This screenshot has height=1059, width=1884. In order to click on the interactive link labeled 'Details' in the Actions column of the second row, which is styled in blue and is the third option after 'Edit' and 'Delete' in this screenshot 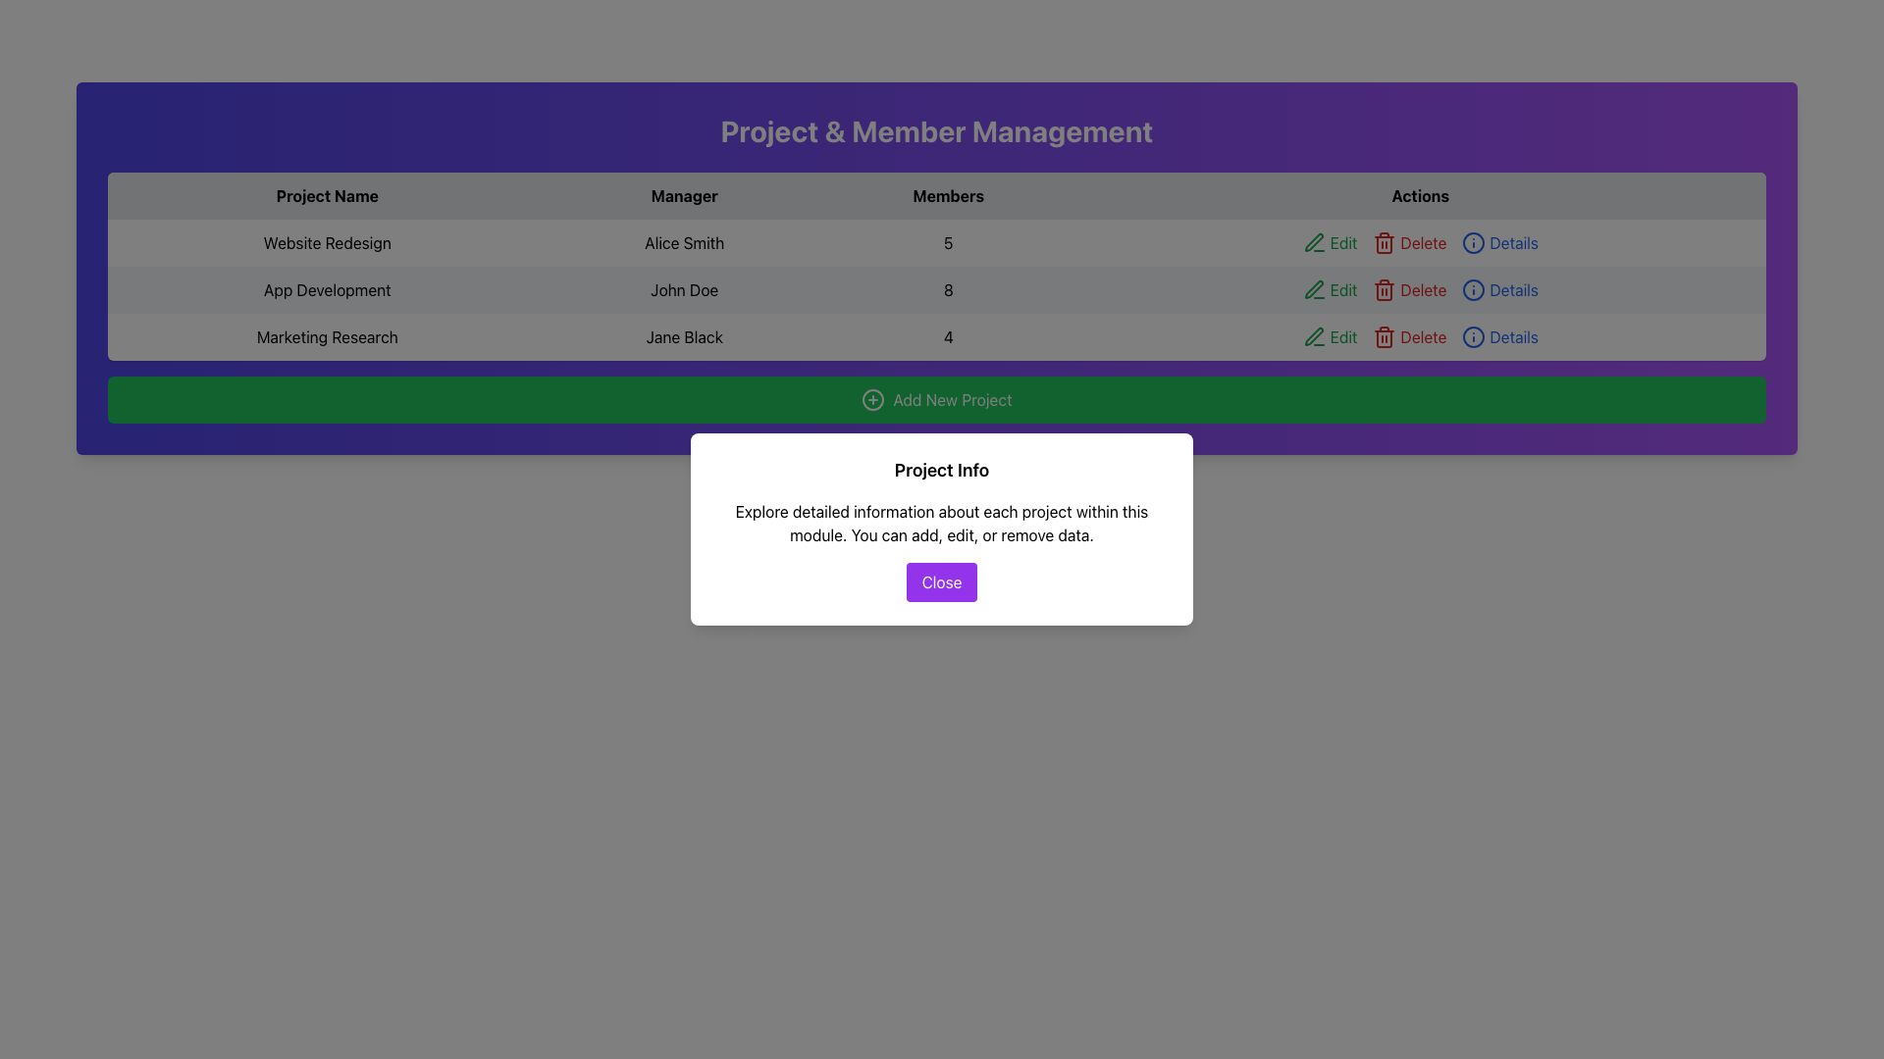, I will do `click(1499, 290)`.